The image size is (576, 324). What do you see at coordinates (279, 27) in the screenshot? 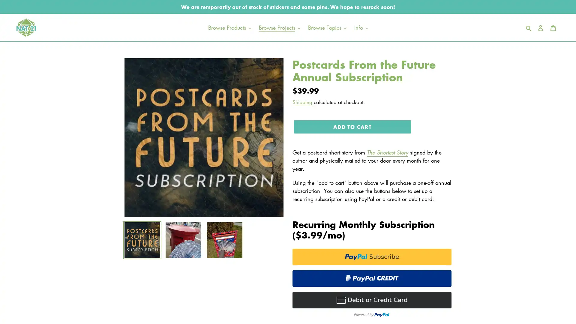
I see `Browse Projects` at bounding box center [279, 27].